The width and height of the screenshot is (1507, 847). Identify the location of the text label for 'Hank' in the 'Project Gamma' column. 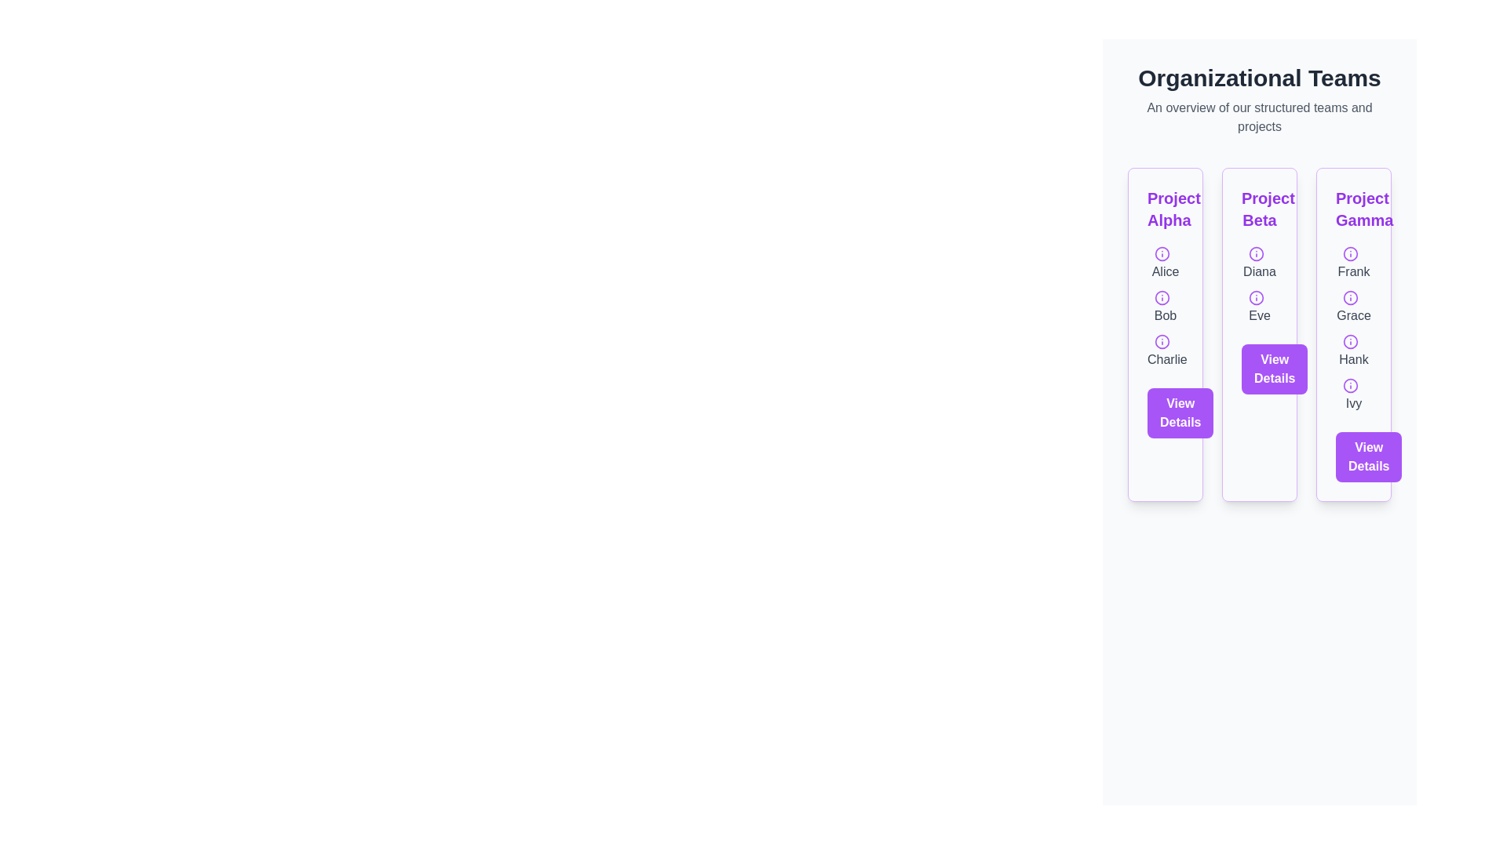
(1352, 350).